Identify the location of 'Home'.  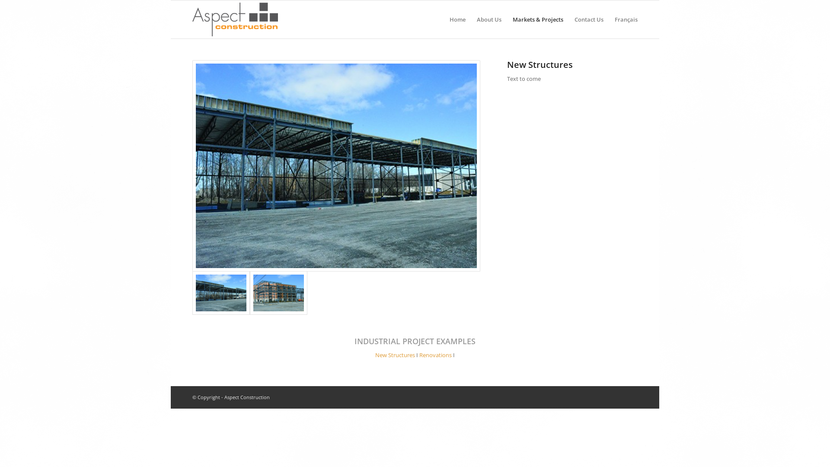
(457, 19).